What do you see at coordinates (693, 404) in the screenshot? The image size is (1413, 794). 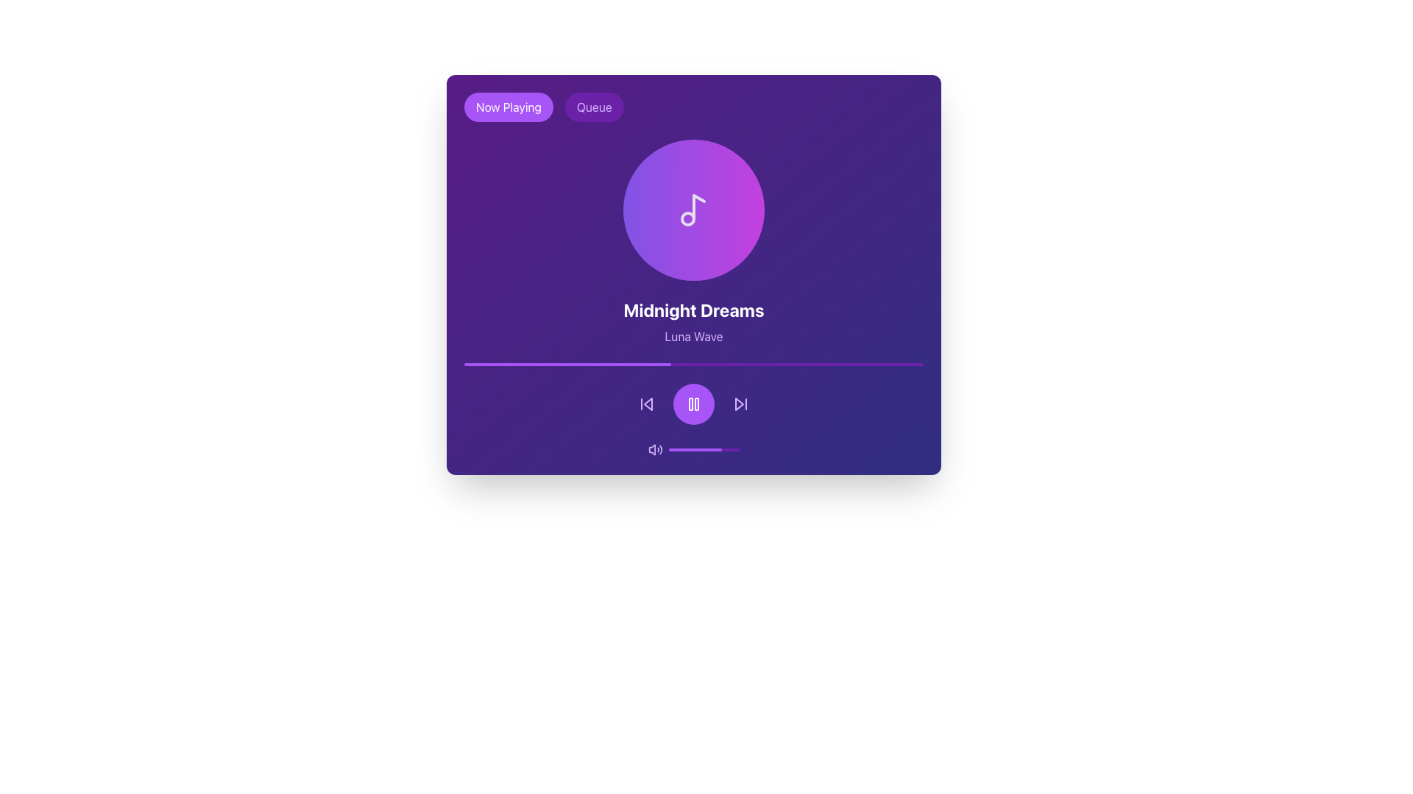 I see `the circular purple button with a pause icon, located centrally among a trio of icons in the bottom section of the music player interface` at bounding box center [693, 404].